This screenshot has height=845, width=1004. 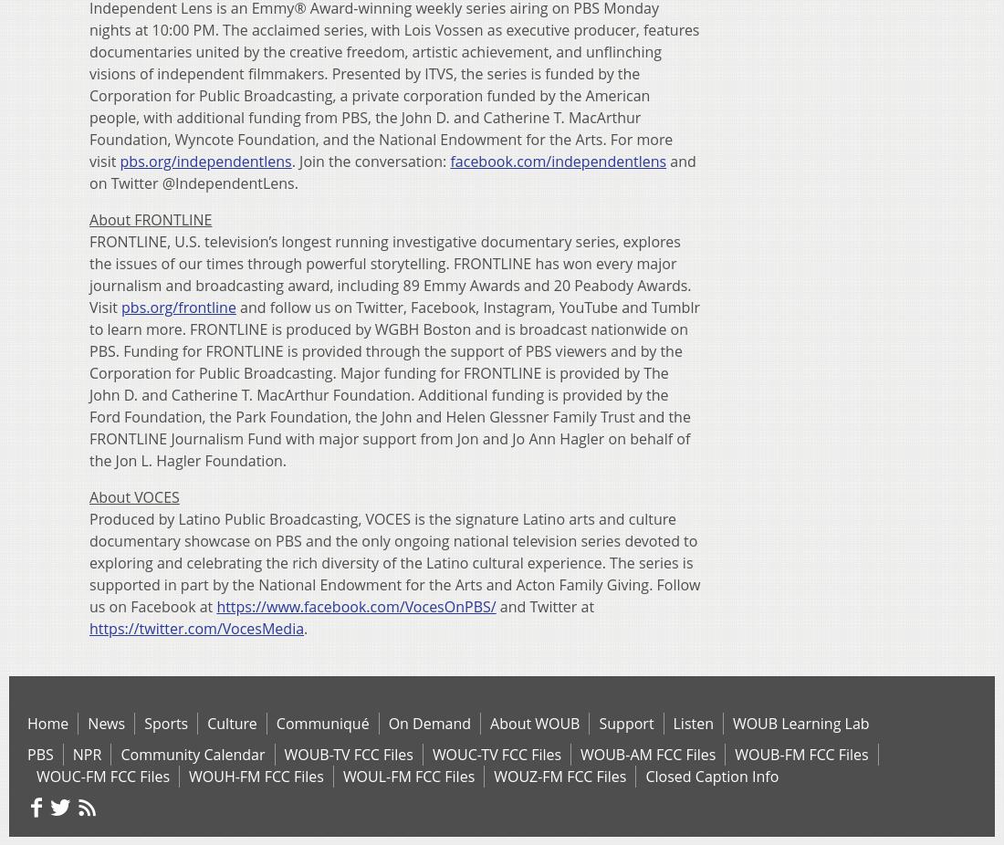 I want to click on 'Produced by Latino Public Broadcasting, VOCES is the signature Latino arts and culture documentary showcase on PBS and the only ongoing national television series devoted to exploring and celebrating the rich diversity of the Latino cultural experience. The series is supported in part by the National Endowment for the Arts and Acton Family Giving. Follow us on Facebook at', so click(x=89, y=560).